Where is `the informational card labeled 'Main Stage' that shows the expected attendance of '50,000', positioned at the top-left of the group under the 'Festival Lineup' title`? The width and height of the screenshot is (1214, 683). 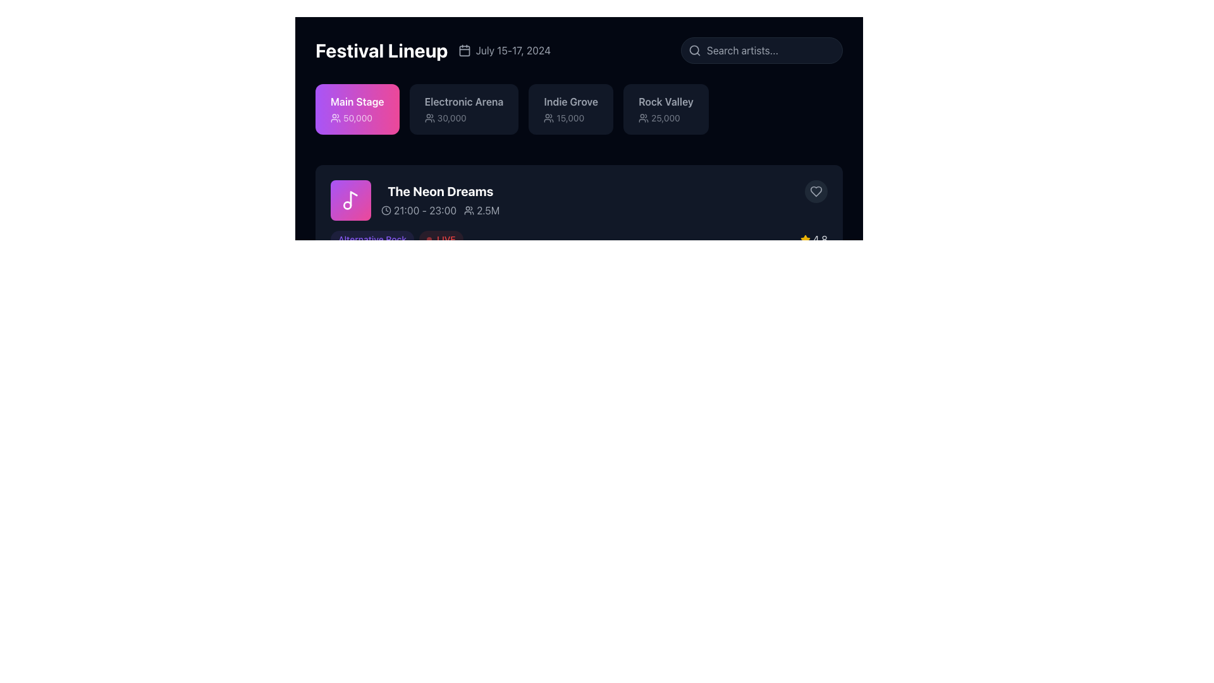 the informational card labeled 'Main Stage' that shows the expected attendance of '50,000', positioned at the top-left of the group under the 'Festival Lineup' title is located at coordinates (357, 109).